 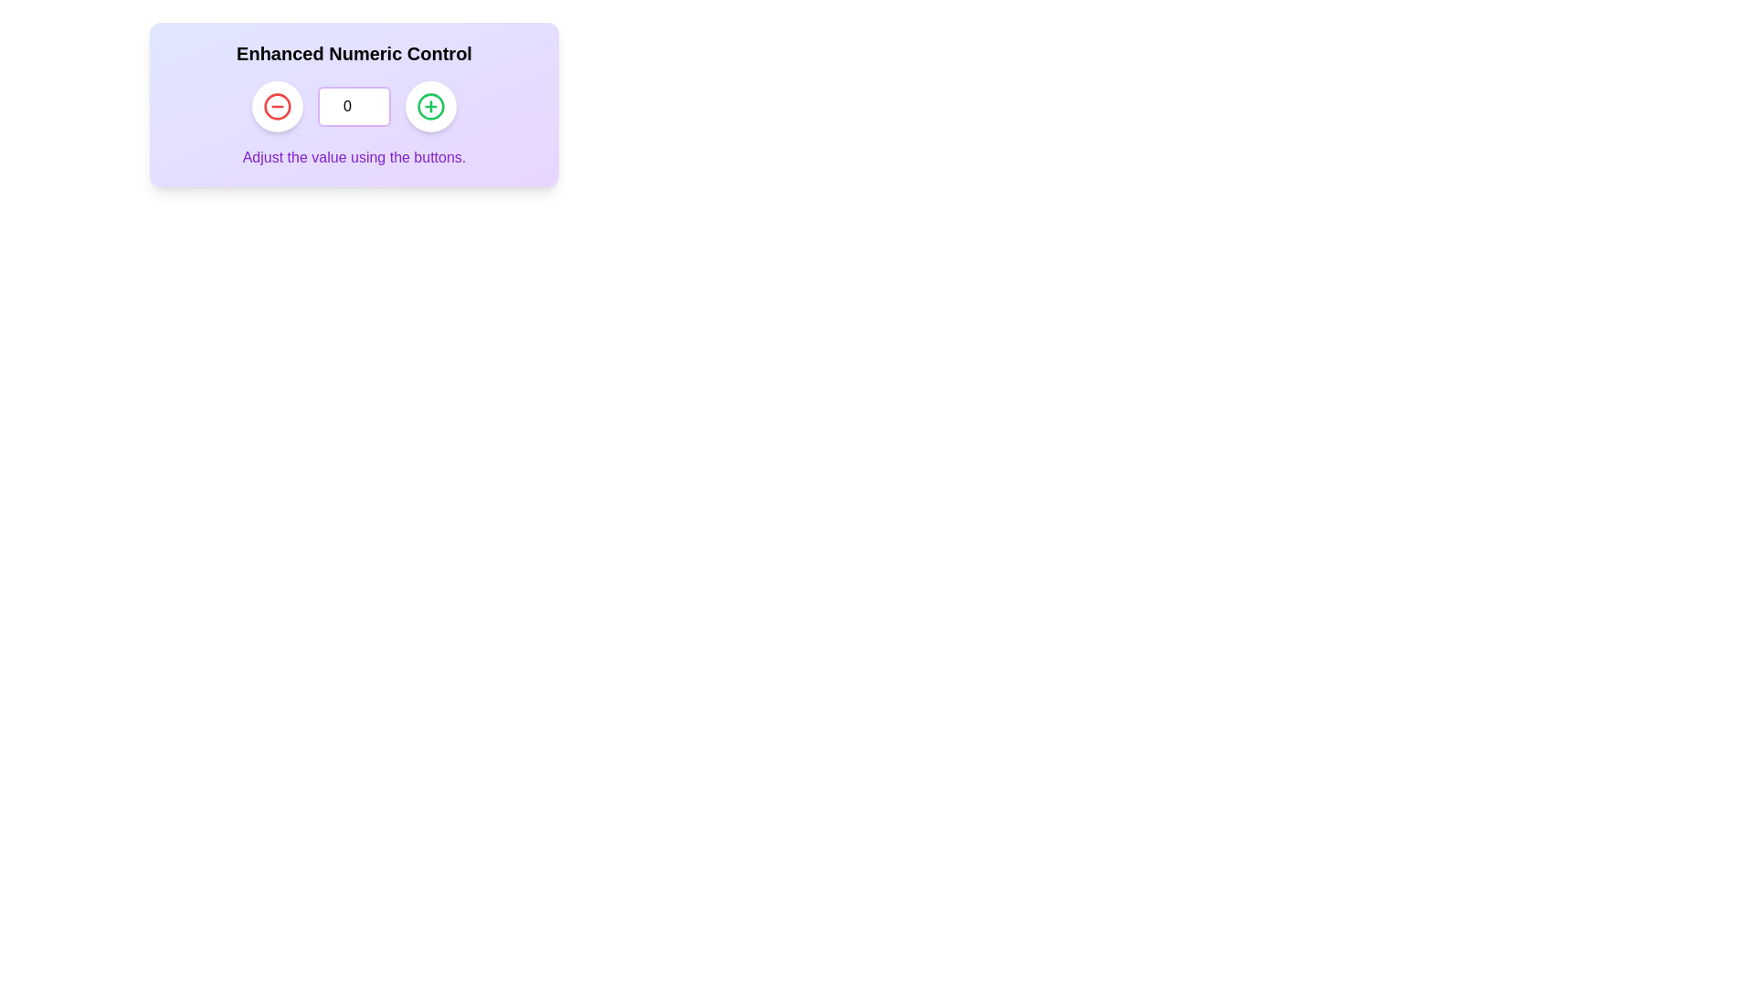 I want to click on the input box of the Composite control interface for numeric value adjustment, so click(x=354, y=105).